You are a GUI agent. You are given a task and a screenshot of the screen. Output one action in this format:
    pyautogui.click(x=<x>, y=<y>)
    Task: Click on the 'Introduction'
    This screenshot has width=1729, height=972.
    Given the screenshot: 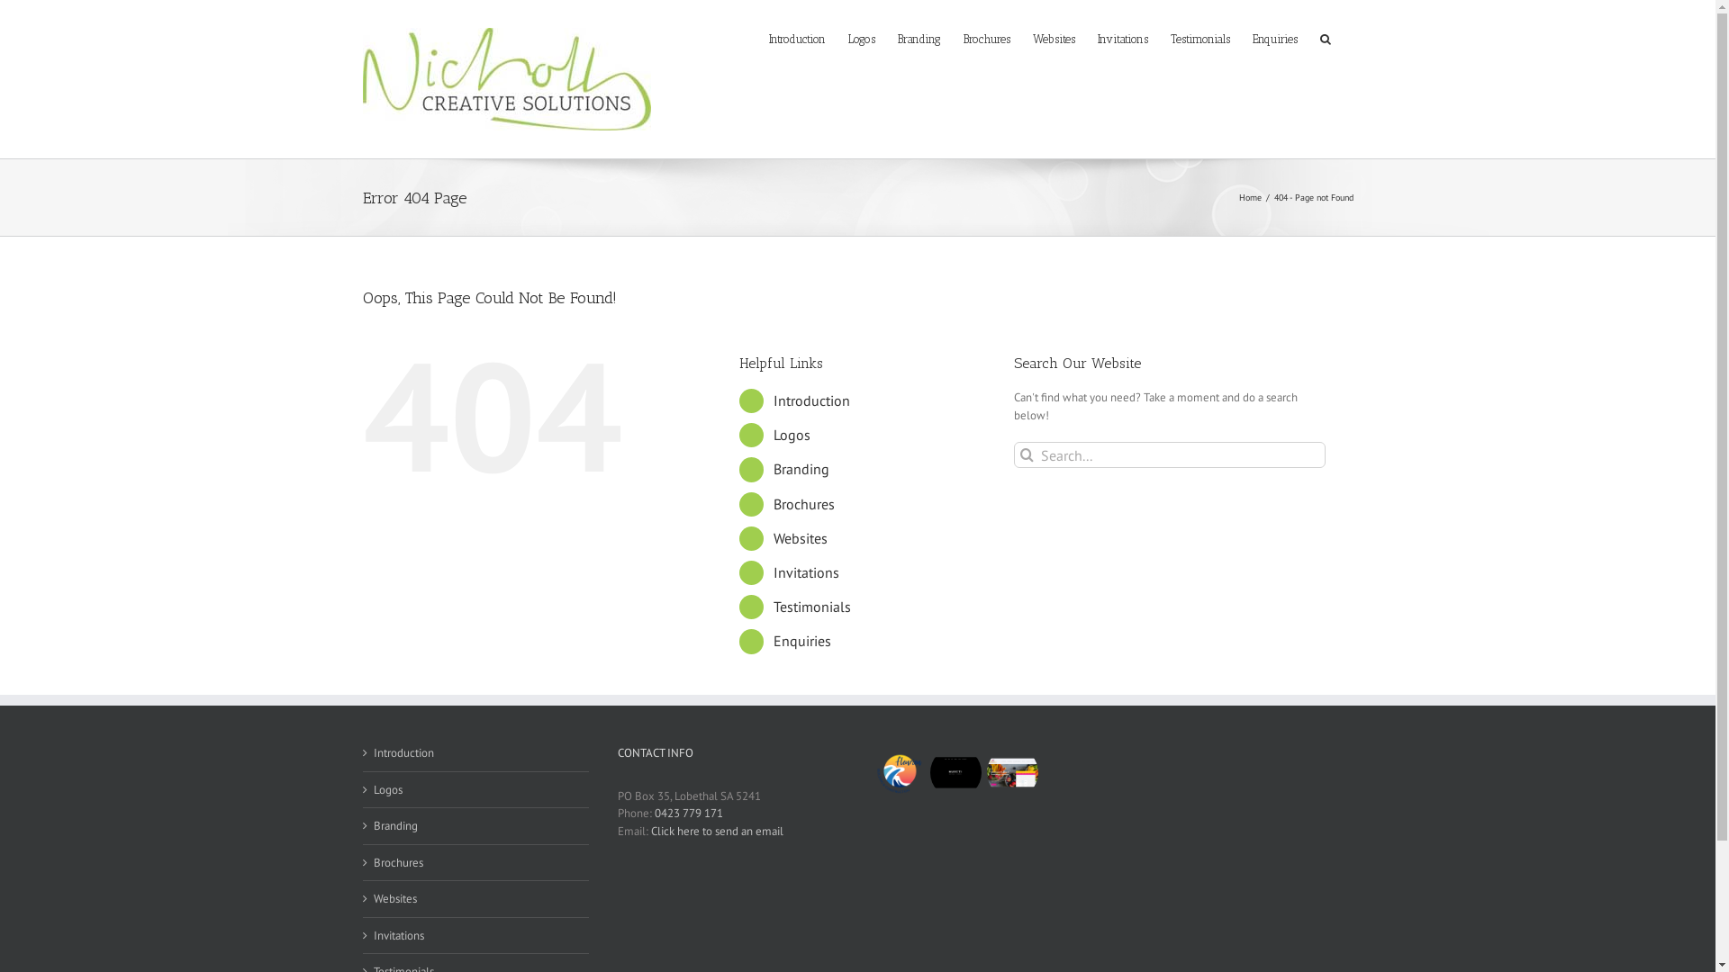 What is the action you would take?
    pyautogui.click(x=796, y=38)
    